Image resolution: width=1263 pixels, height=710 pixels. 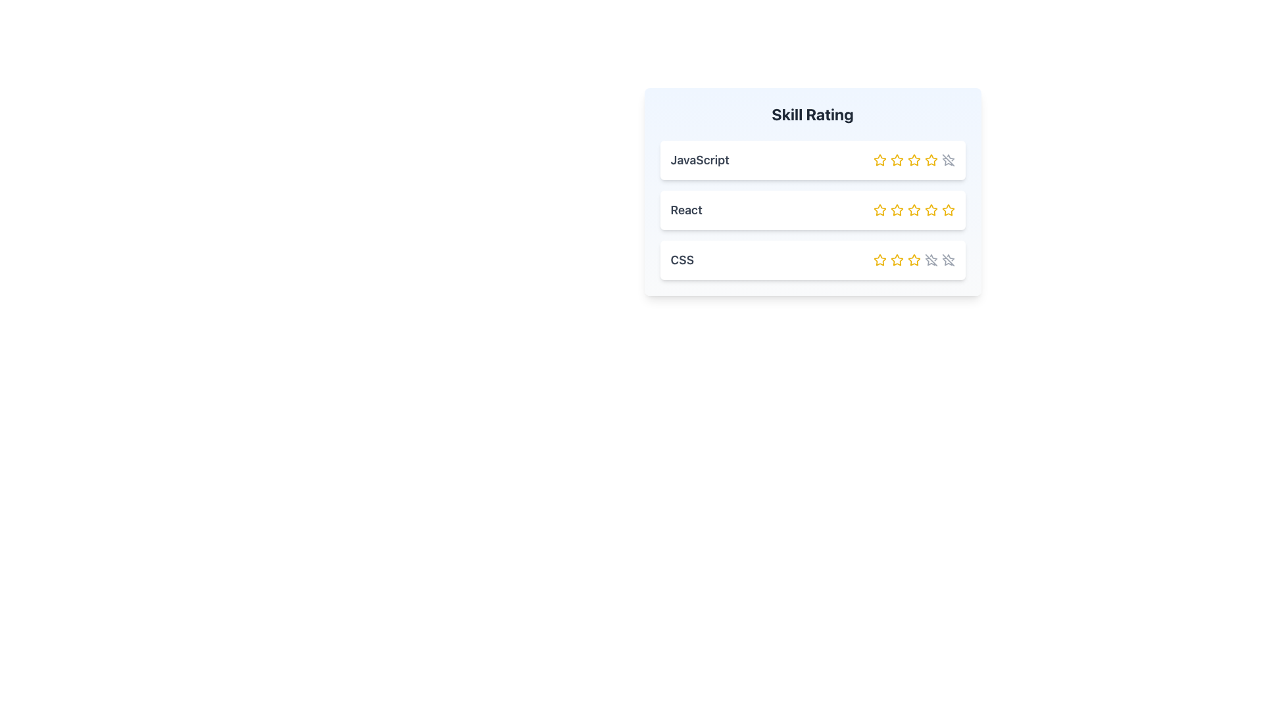 What do you see at coordinates (948, 210) in the screenshot?
I see `the fifth interactive star icon in the second row of the skill rating interface to rate the React skill with 5 stars` at bounding box center [948, 210].